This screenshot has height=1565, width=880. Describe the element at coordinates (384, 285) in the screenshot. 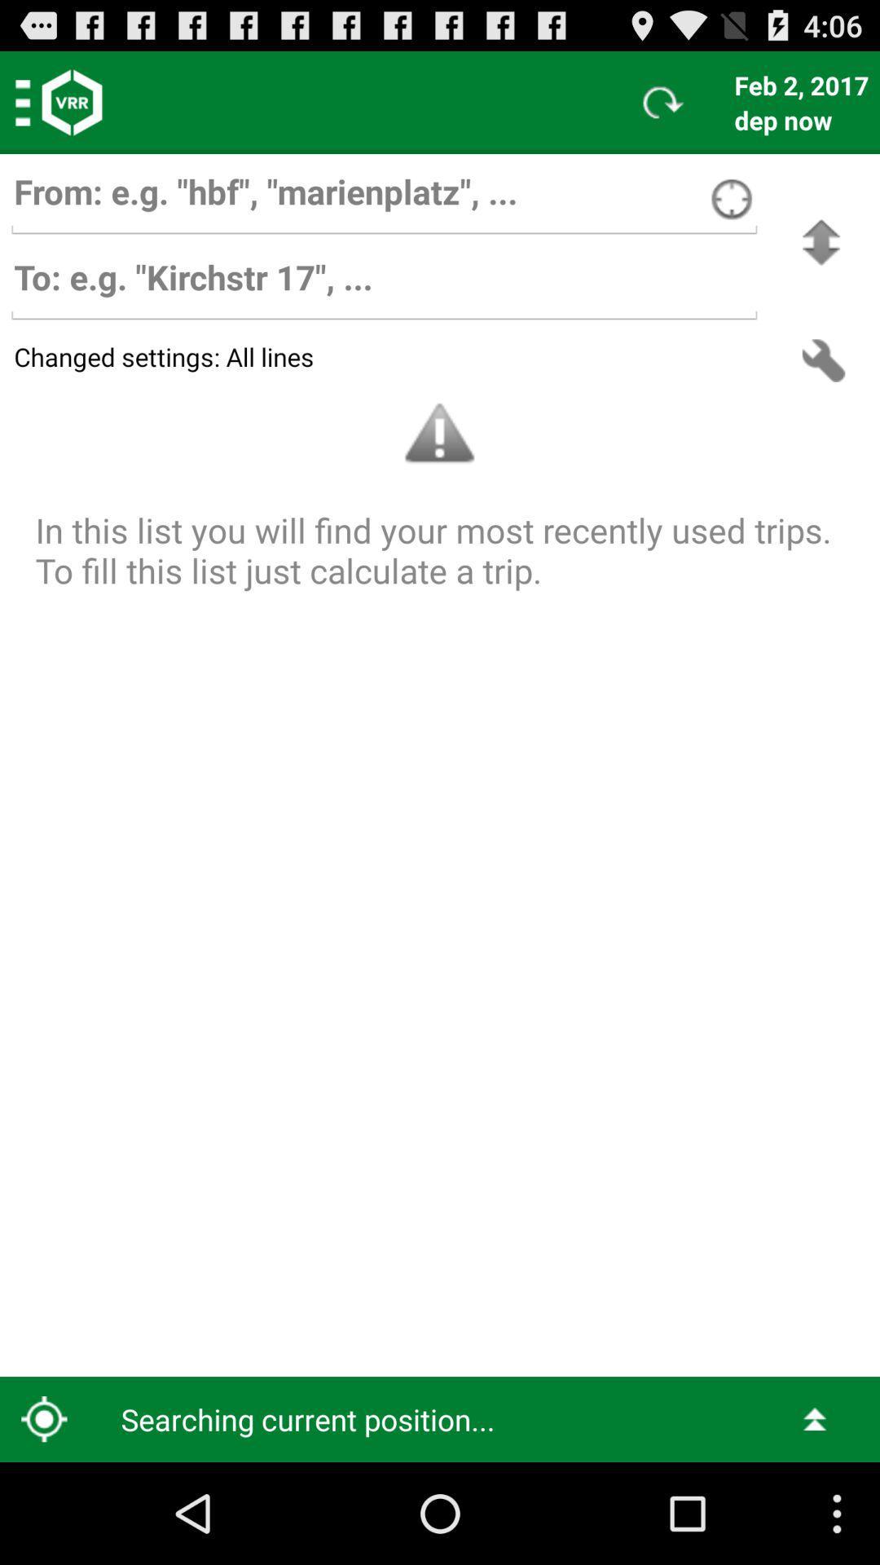

I see `the app above the changed settings all app` at that location.